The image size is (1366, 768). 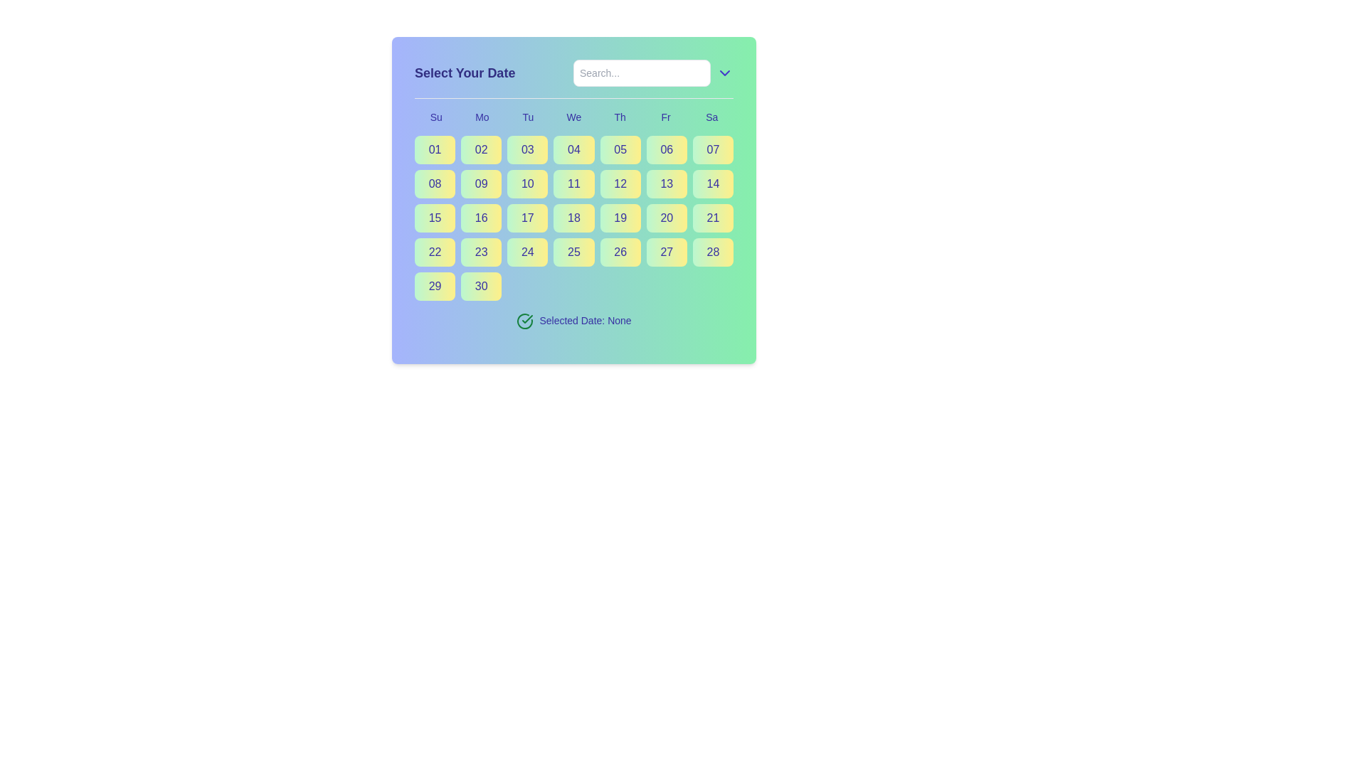 What do you see at coordinates (573, 218) in the screenshot?
I see `a date cell in the Calendar grid` at bounding box center [573, 218].